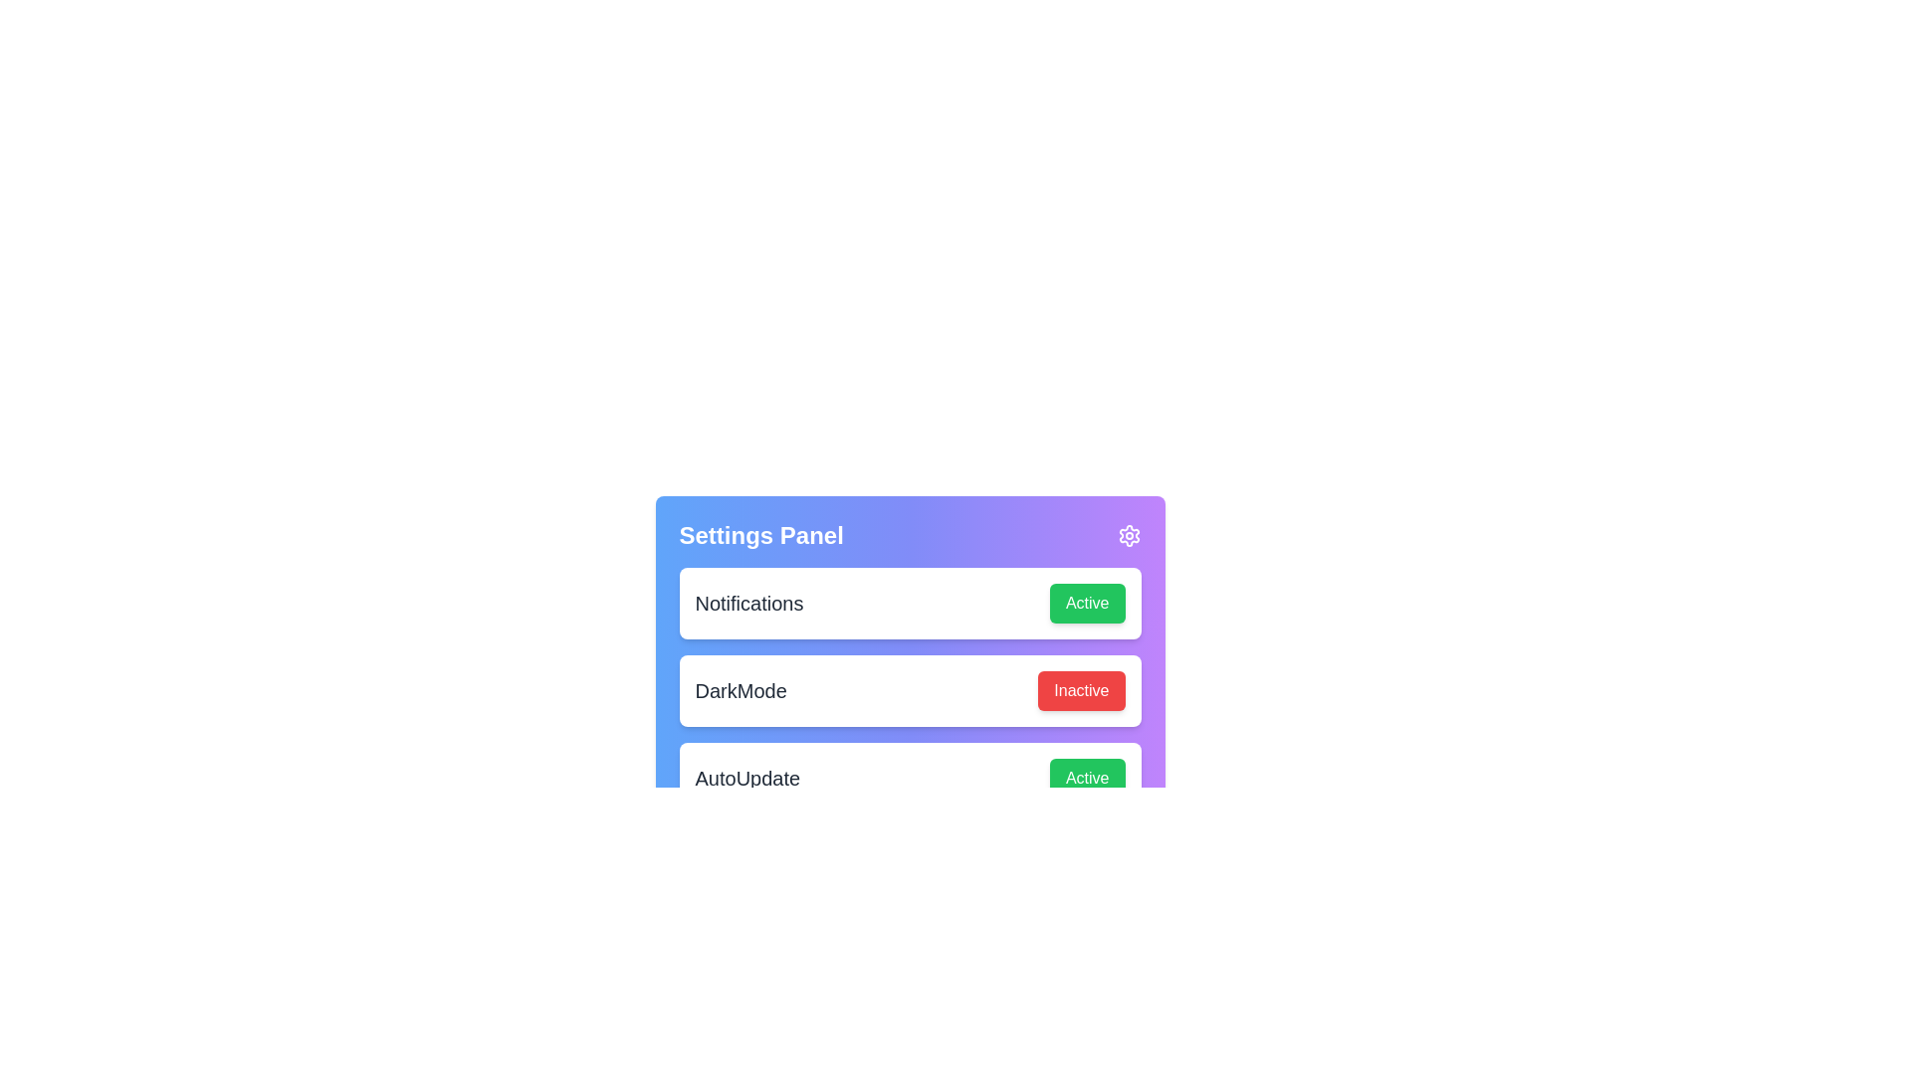  What do you see at coordinates (1086, 602) in the screenshot?
I see `the button labeled Active (Notifications) to observe its hover effect` at bounding box center [1086, 602].